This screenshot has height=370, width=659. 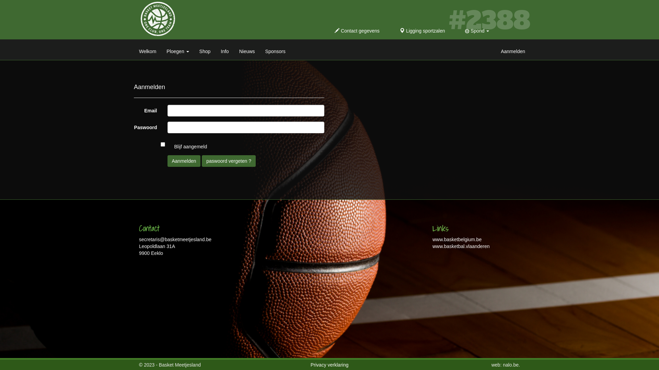 I want to click on 'Sponsors', so click(x=275, y=49).